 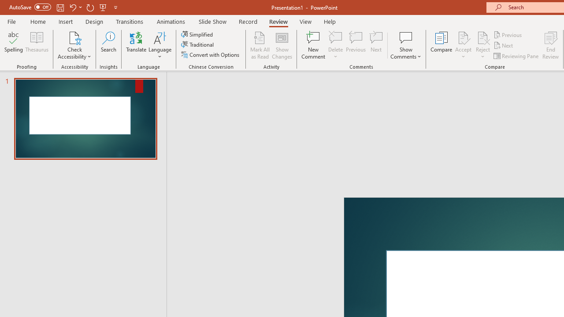 I want to click on 'Show Comments', so click(x=405, y=45).